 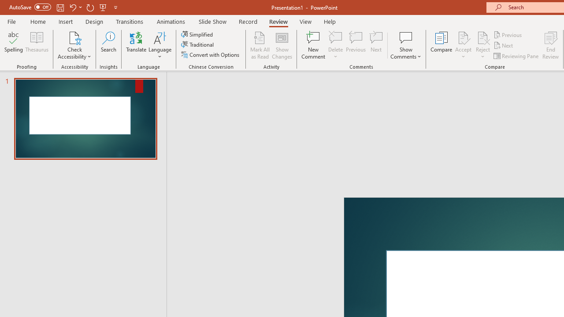 I want to click on 'Show Comments', so click(x=405, y=45).